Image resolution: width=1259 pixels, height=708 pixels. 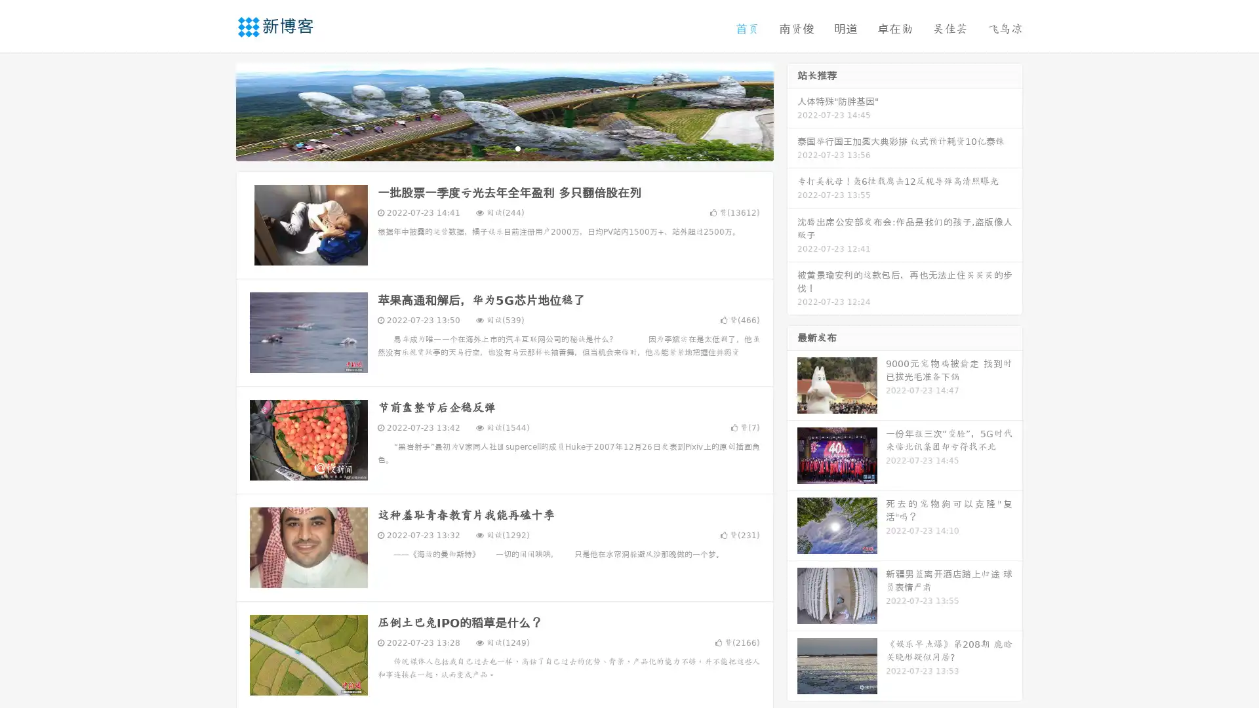 I want to click on Previous slide, so click(x=216, y=110).